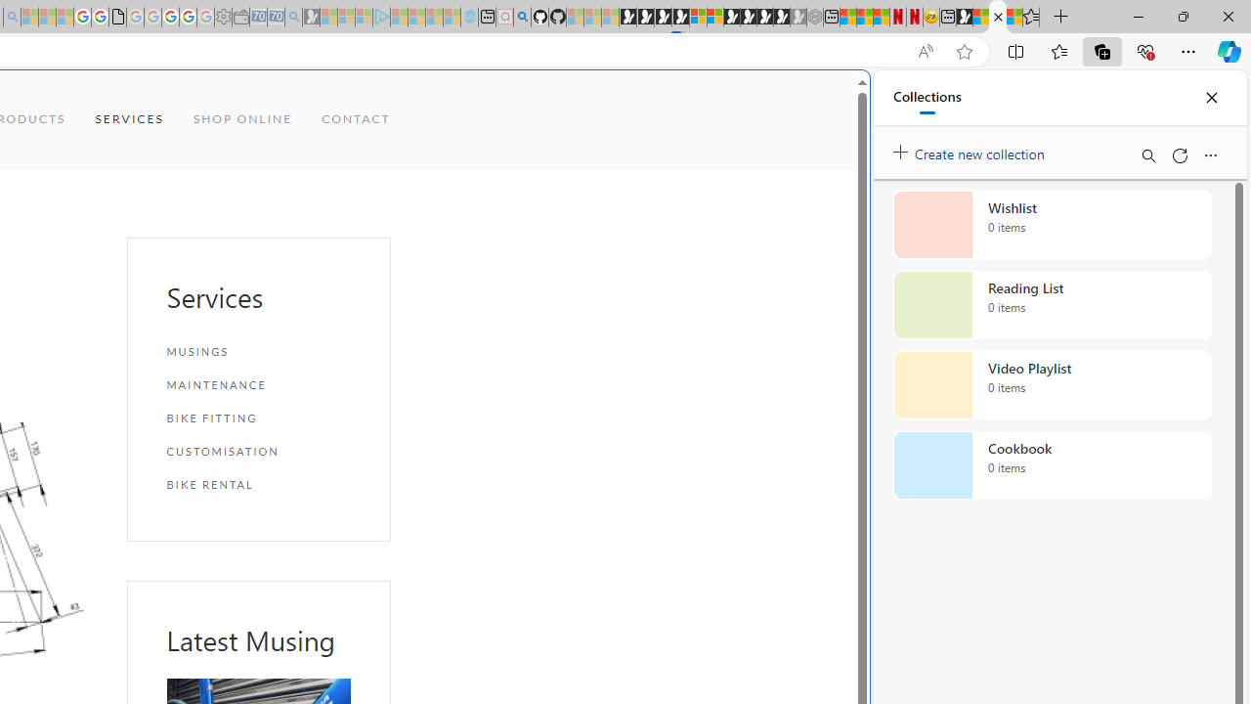 The image size is (1251, 704). What do you see at coordinates (1052, 224) in the screenshot?
I see `'Wishlist collection, 0 items'` at bounding box center [1052, 224].